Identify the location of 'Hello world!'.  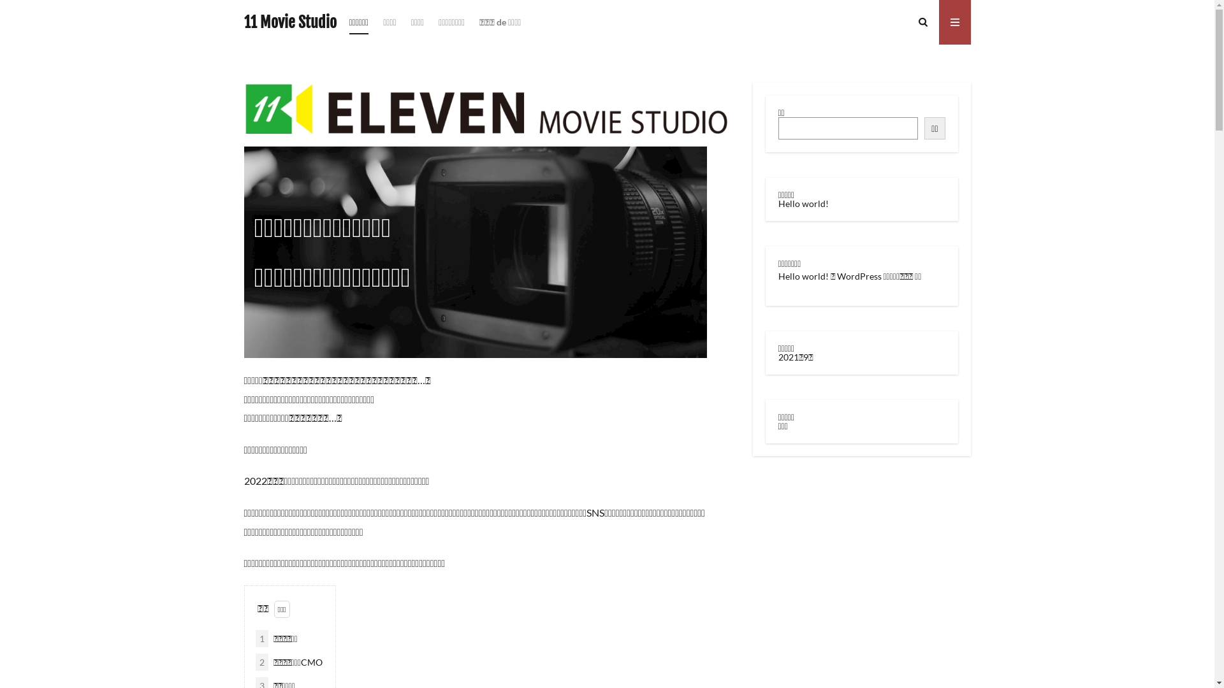
(802, 275).